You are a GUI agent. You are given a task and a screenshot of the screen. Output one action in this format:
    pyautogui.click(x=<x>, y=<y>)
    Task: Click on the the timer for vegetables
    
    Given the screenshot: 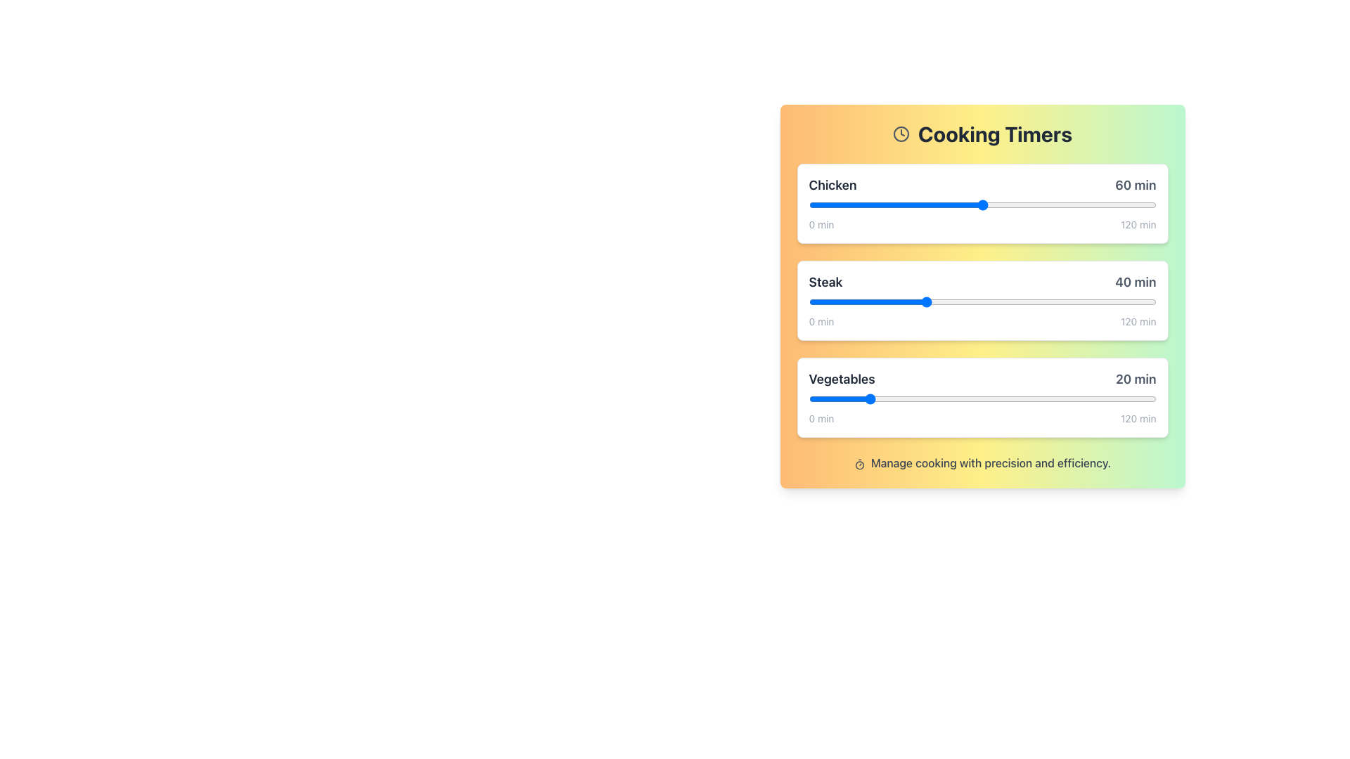 What is the action you would take?
    pyautogui.click(x=956, y=398)
    